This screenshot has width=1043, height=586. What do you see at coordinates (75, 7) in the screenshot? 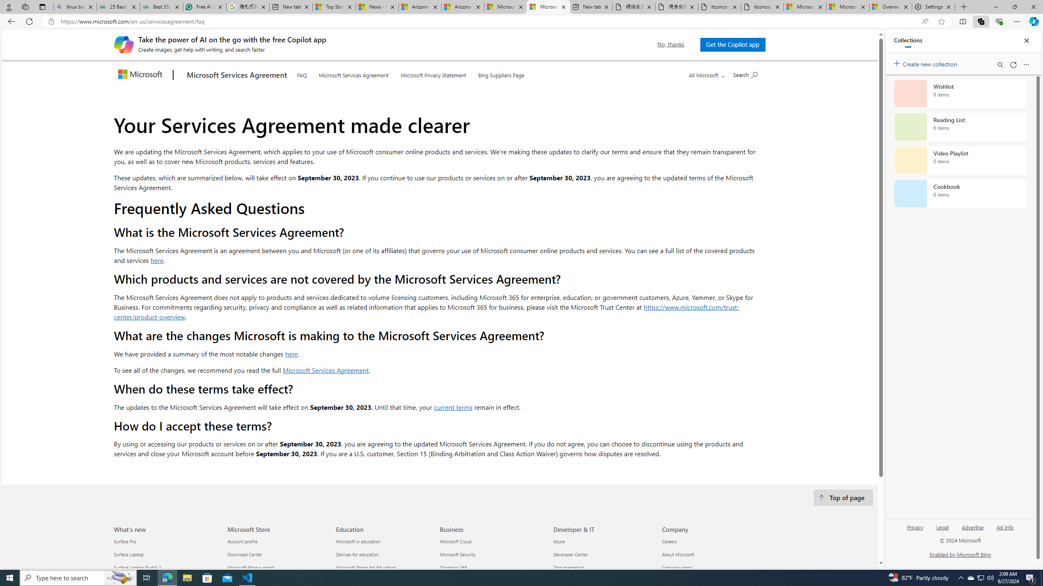
I see `'linux basic - Search'` at bounding box center [75, 7].